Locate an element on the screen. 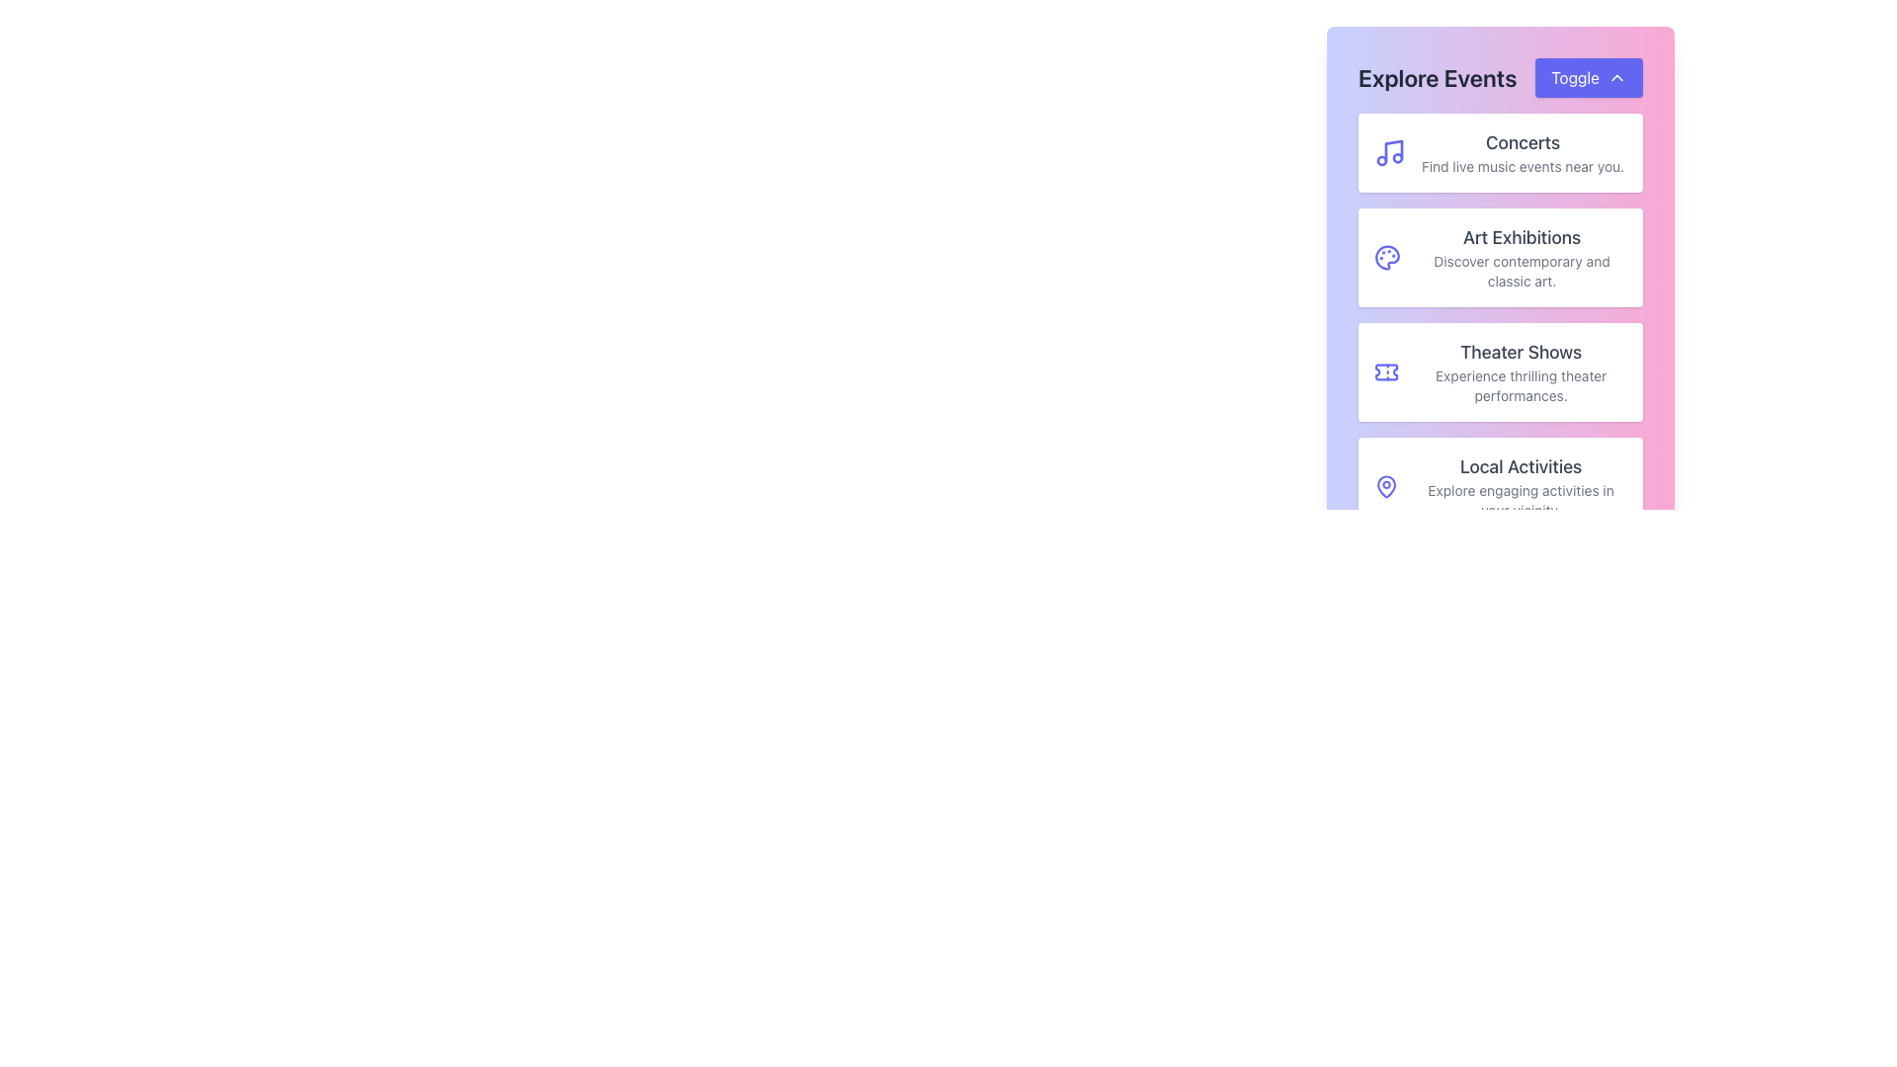  the vertical line component of the music note icon, which is black and located in the first icon under the 'Concerts' section of the interface menu is located at coordinates (1393, 150).